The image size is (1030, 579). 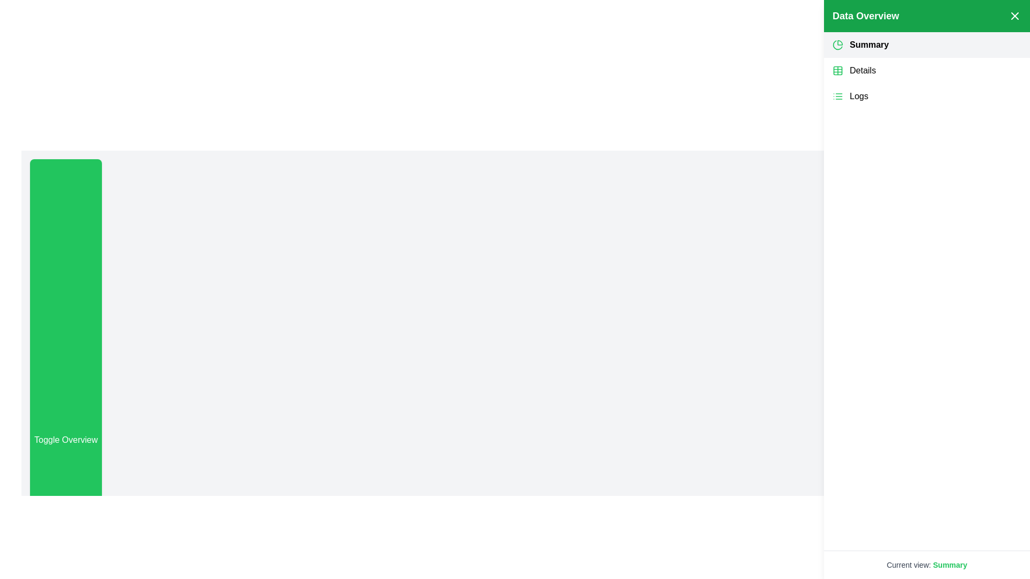 What do you see at coordinates (837, 96) in the screenshot?
I see `the green list icon located to the left of the 'Logs' text in the 'Data Overview' menu section` at bounding box center [837, 96].